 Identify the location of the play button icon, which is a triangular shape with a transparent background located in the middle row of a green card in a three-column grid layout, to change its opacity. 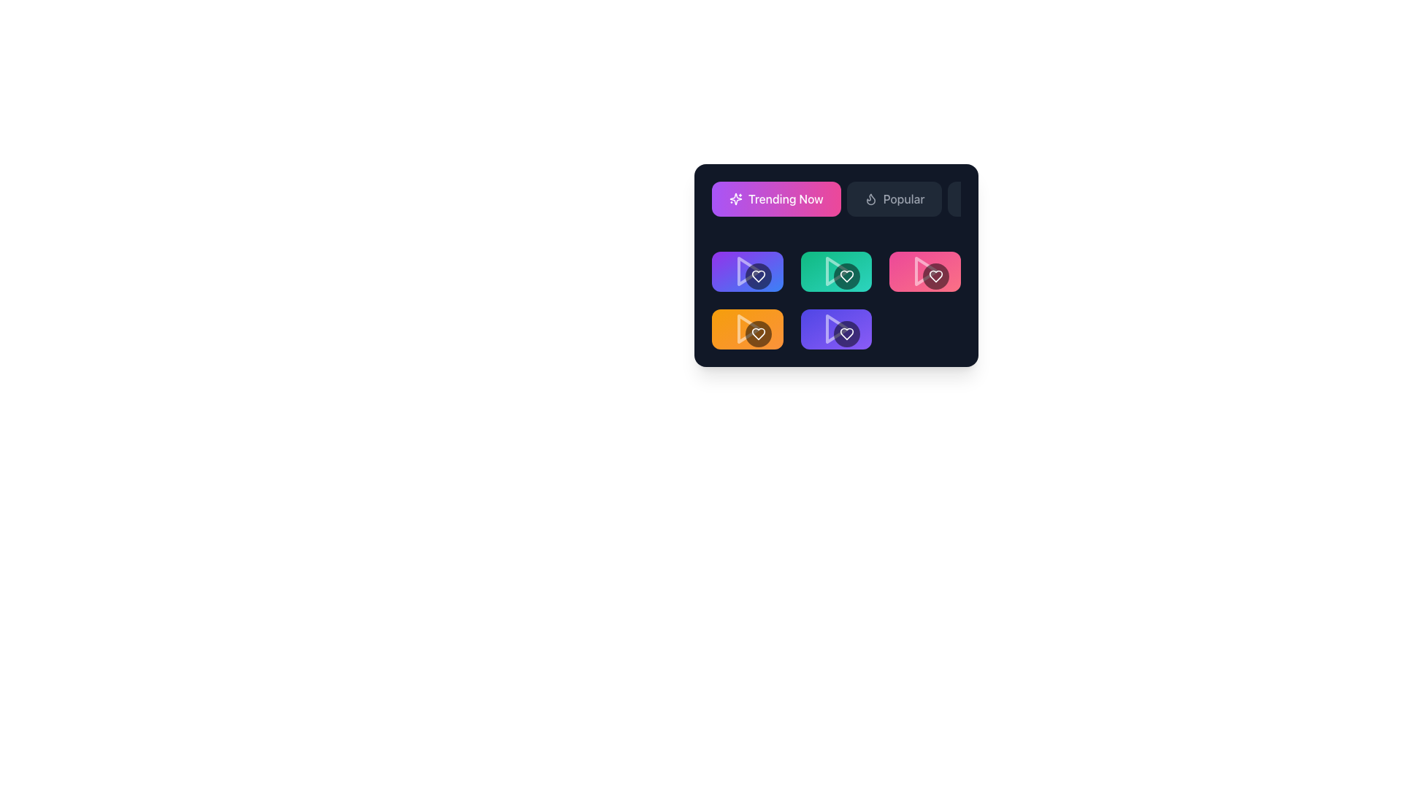
(836, 271).